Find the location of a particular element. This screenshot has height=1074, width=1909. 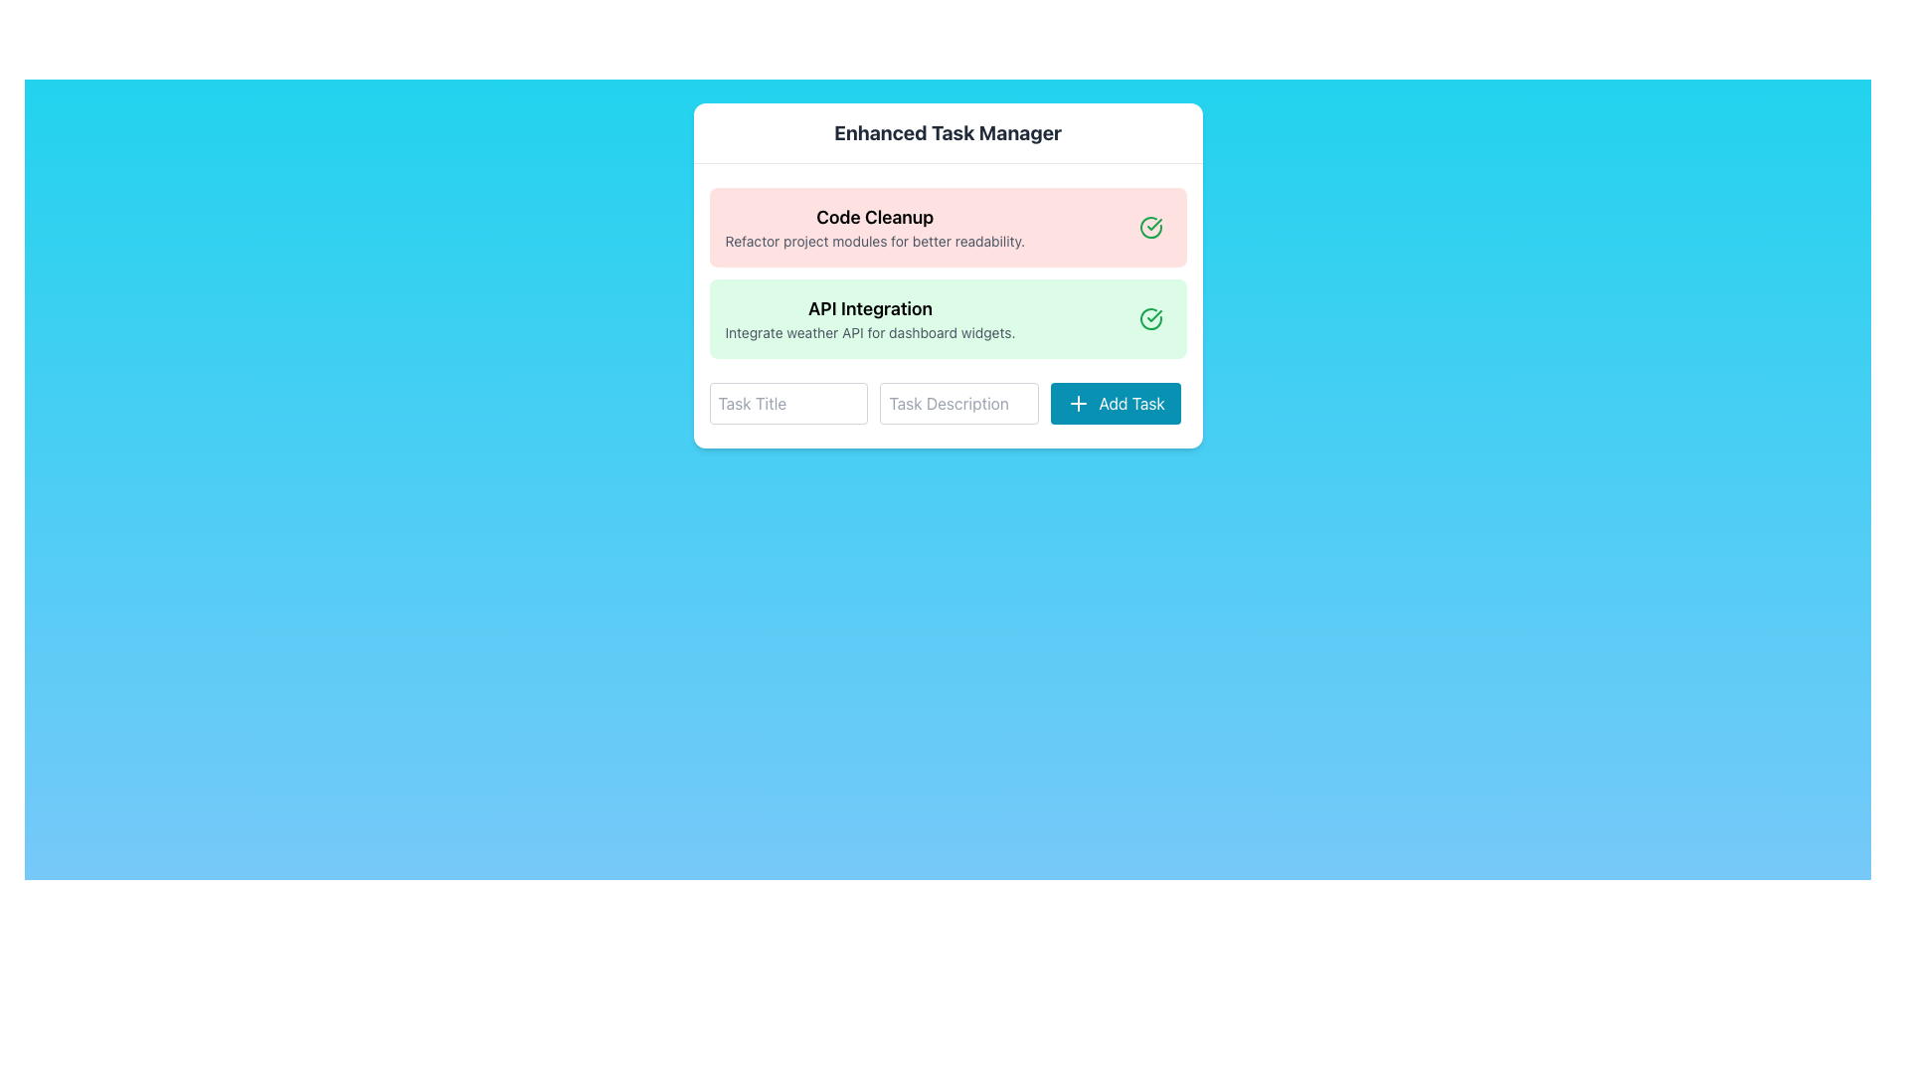

the completion status button of the 'Code Cleanup' task is located at coordinates (1150, 226).